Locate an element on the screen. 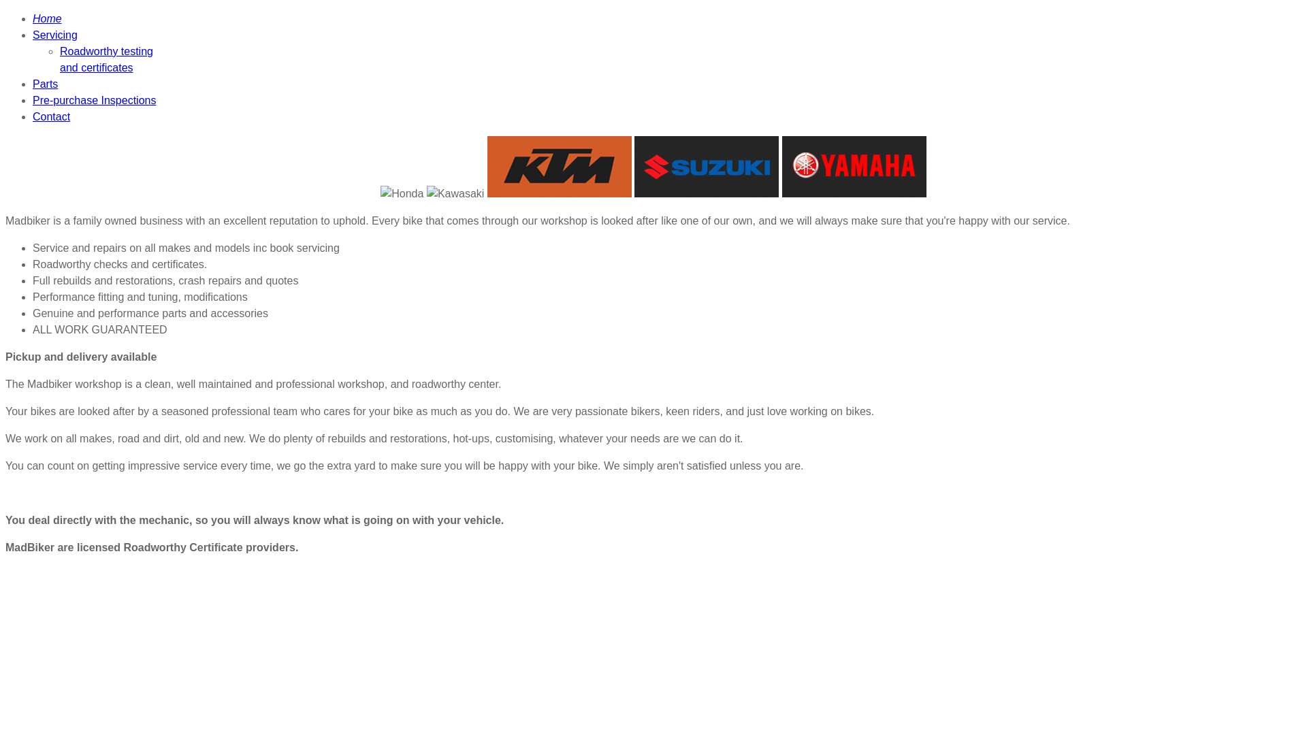 This screenshot has height=735, width=1307. 'Home' is located at coordinates (33, 18).